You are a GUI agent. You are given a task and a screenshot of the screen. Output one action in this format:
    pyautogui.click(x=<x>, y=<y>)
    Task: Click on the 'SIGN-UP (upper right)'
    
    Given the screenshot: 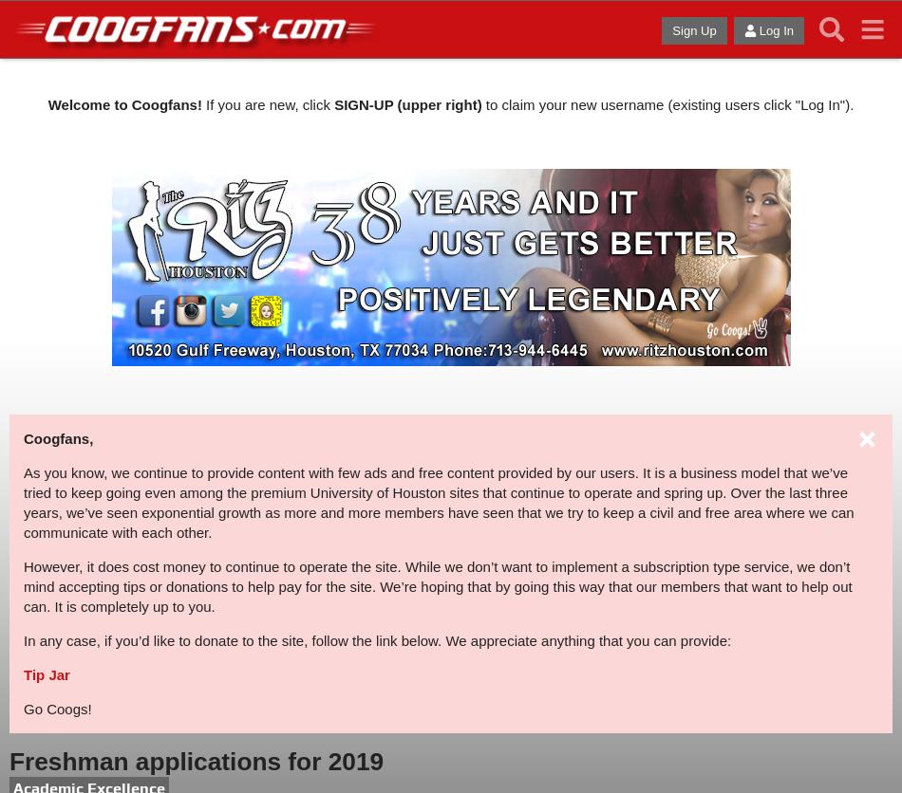 What is the action you would take?
    pyautogui.click(x=332, y=102)
    